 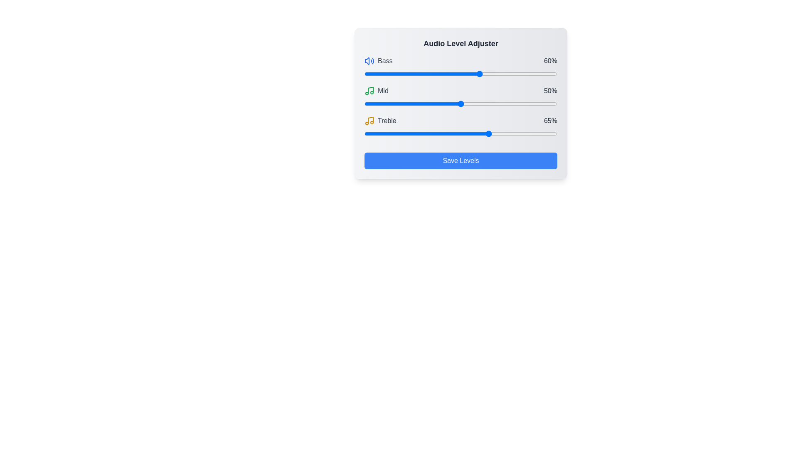 I want to click on the slider, so click(x=439, y=133).